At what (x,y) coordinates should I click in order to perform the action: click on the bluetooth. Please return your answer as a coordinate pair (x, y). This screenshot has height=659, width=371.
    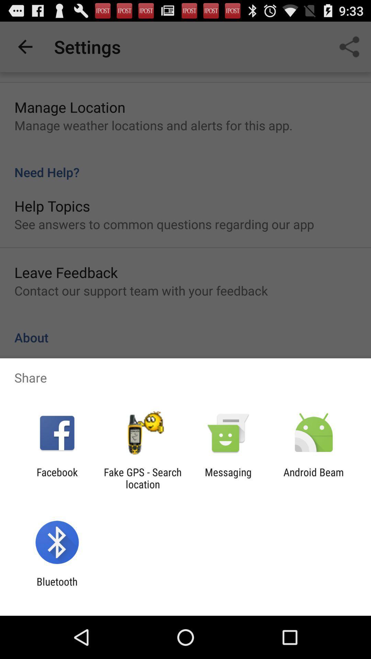
    Looking at the image, I should click on (57, 587).